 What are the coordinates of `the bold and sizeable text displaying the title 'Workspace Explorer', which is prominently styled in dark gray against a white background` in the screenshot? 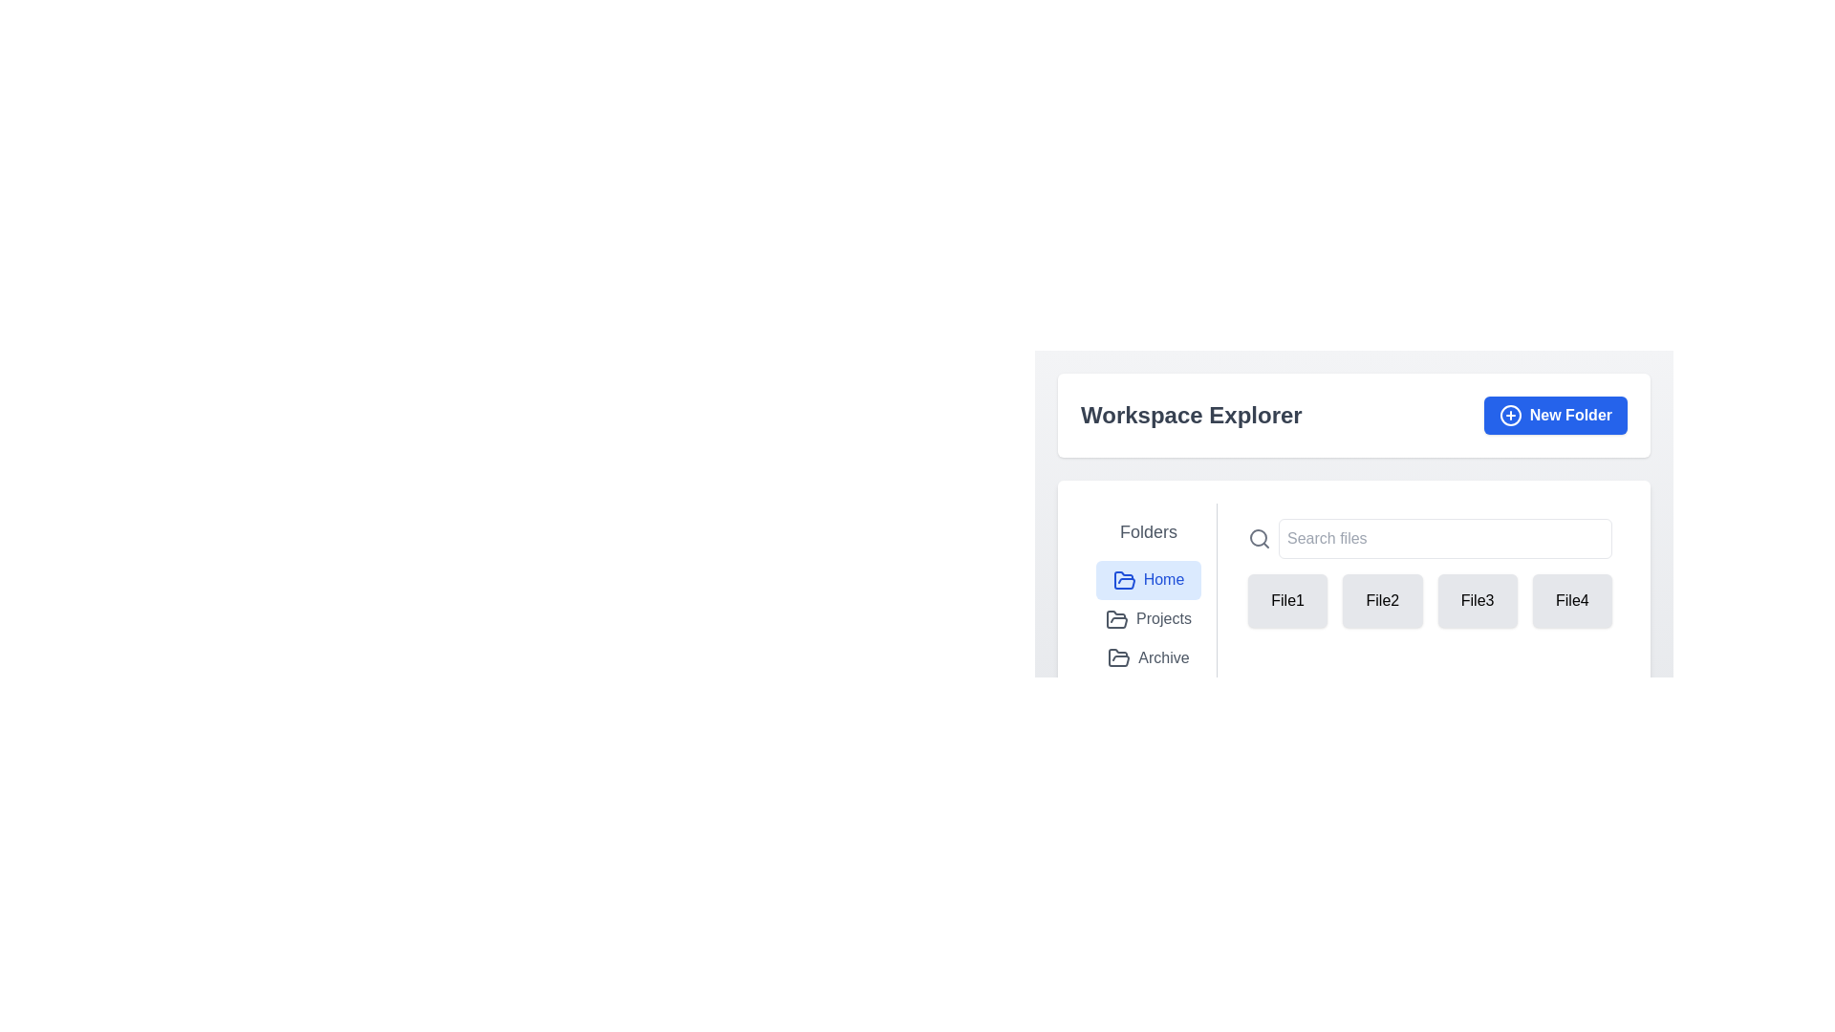 It's located at (1190, 415).